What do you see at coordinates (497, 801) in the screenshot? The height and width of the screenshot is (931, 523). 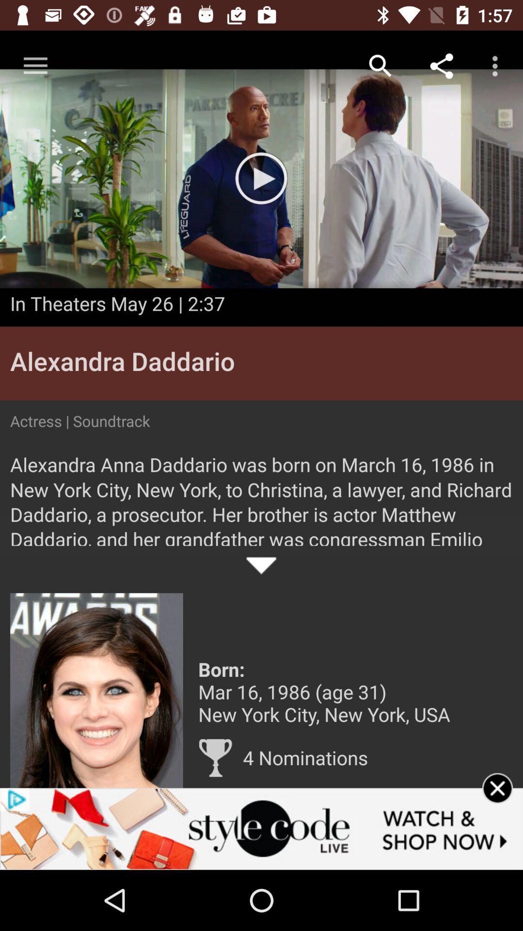 I see `the advertisement` at bounding box center [497, 801].